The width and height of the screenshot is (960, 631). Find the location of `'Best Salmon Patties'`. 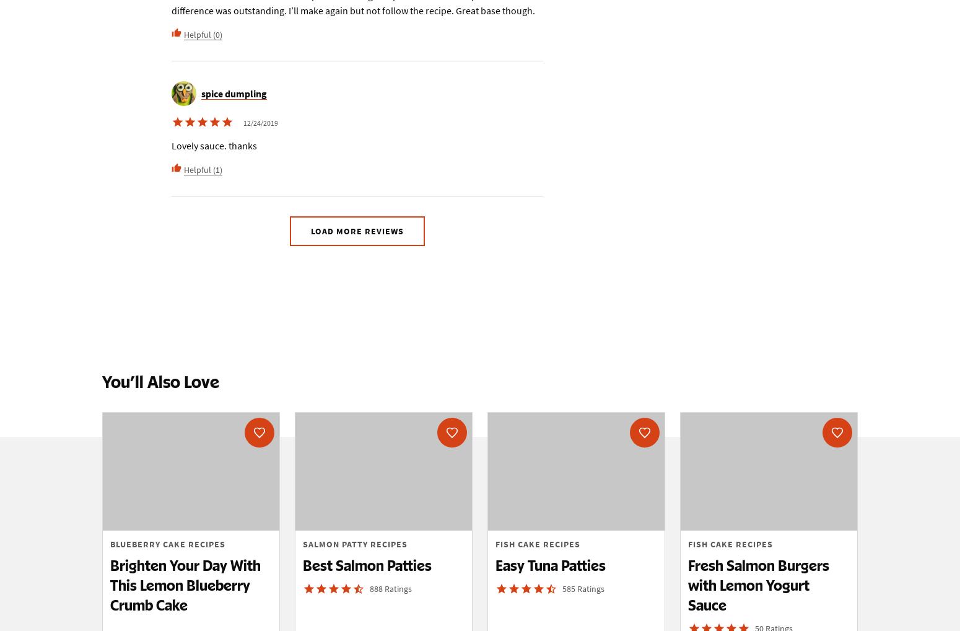

'Best Salmon Patties' is located at coordinates (367, 565).